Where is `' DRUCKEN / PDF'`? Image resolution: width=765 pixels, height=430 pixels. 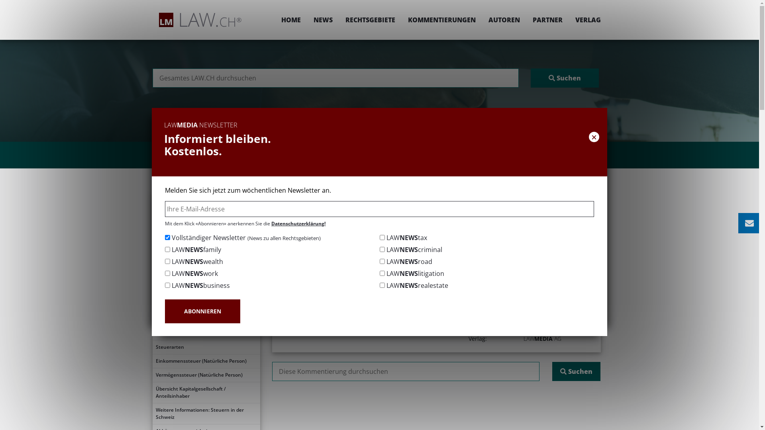 ' DRUCKEN / PDF' is located at coordinates (576, 224).